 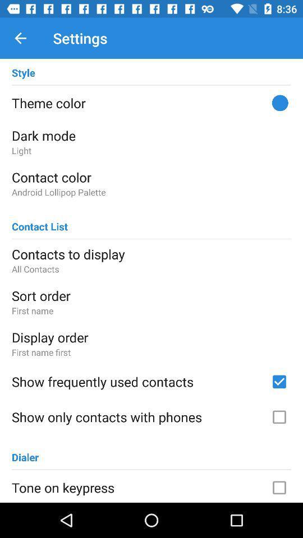 I want to click on the display order, so click(x=151, y=337).